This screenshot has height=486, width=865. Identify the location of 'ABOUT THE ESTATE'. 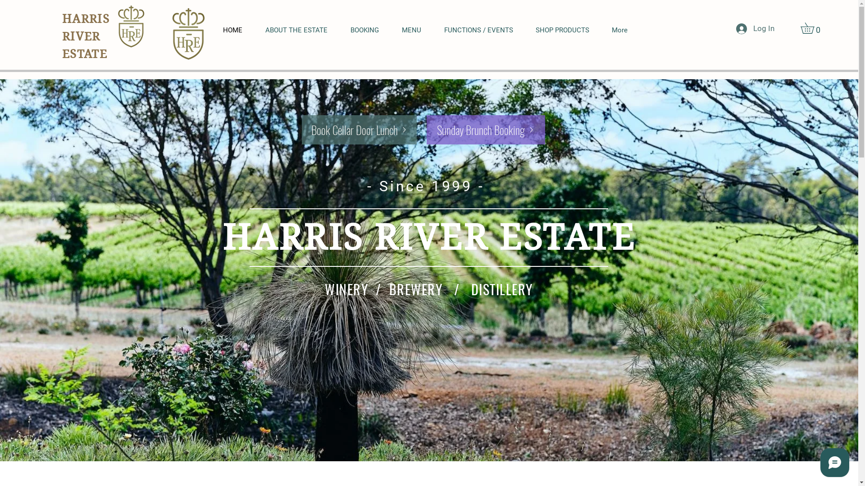
(301, 30).